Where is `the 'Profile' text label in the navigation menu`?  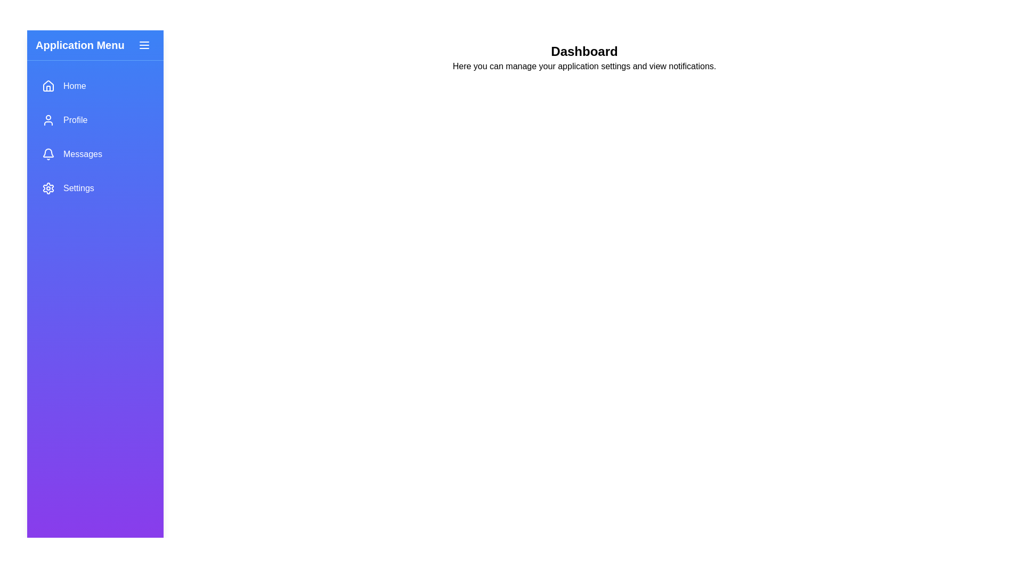
the 'Profile' text label in the navigation menu is located at coordinates (75, 120).